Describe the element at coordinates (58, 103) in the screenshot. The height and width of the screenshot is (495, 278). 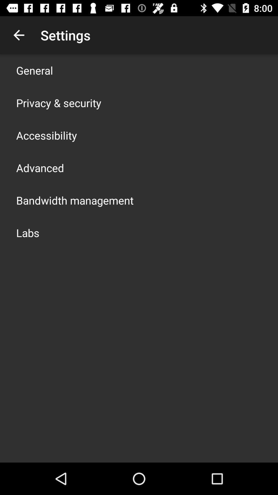
I see `app above the accessibility app` at that location.